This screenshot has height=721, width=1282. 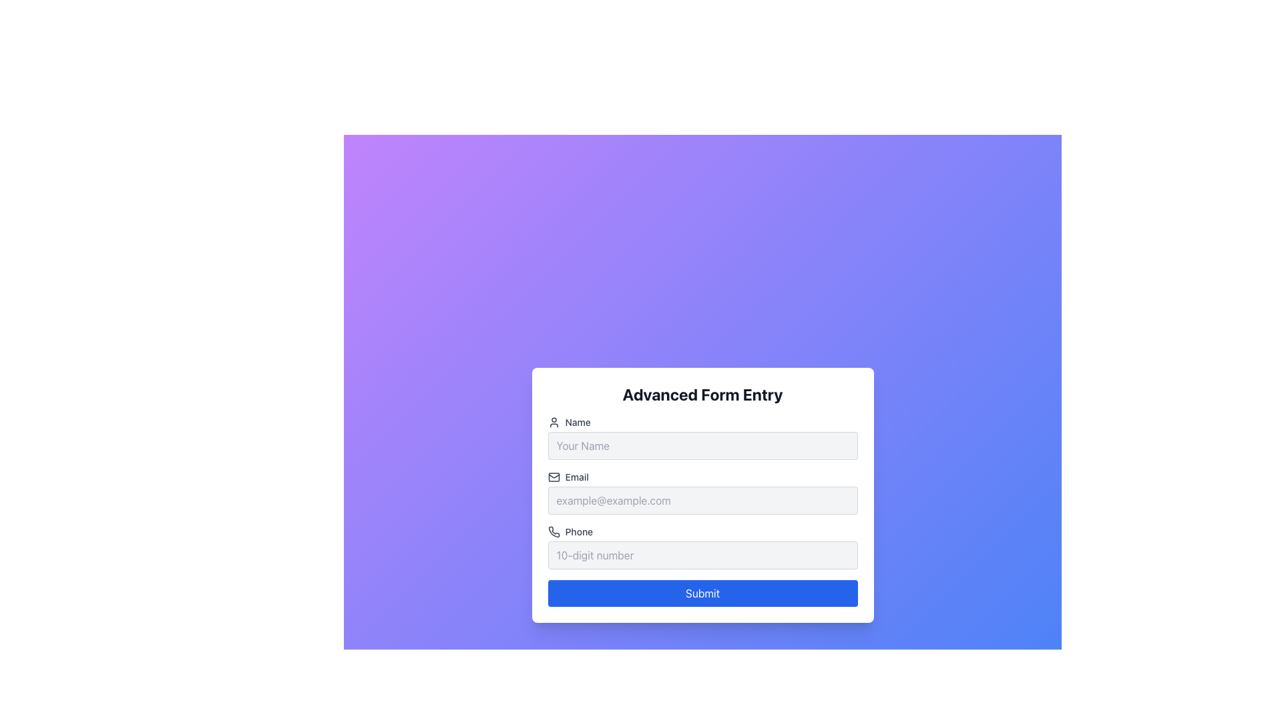 I want to click on the phone icon represented by a simple outlined SVG graphic located within the 'Phone' input field, so click(x=554, y=531).